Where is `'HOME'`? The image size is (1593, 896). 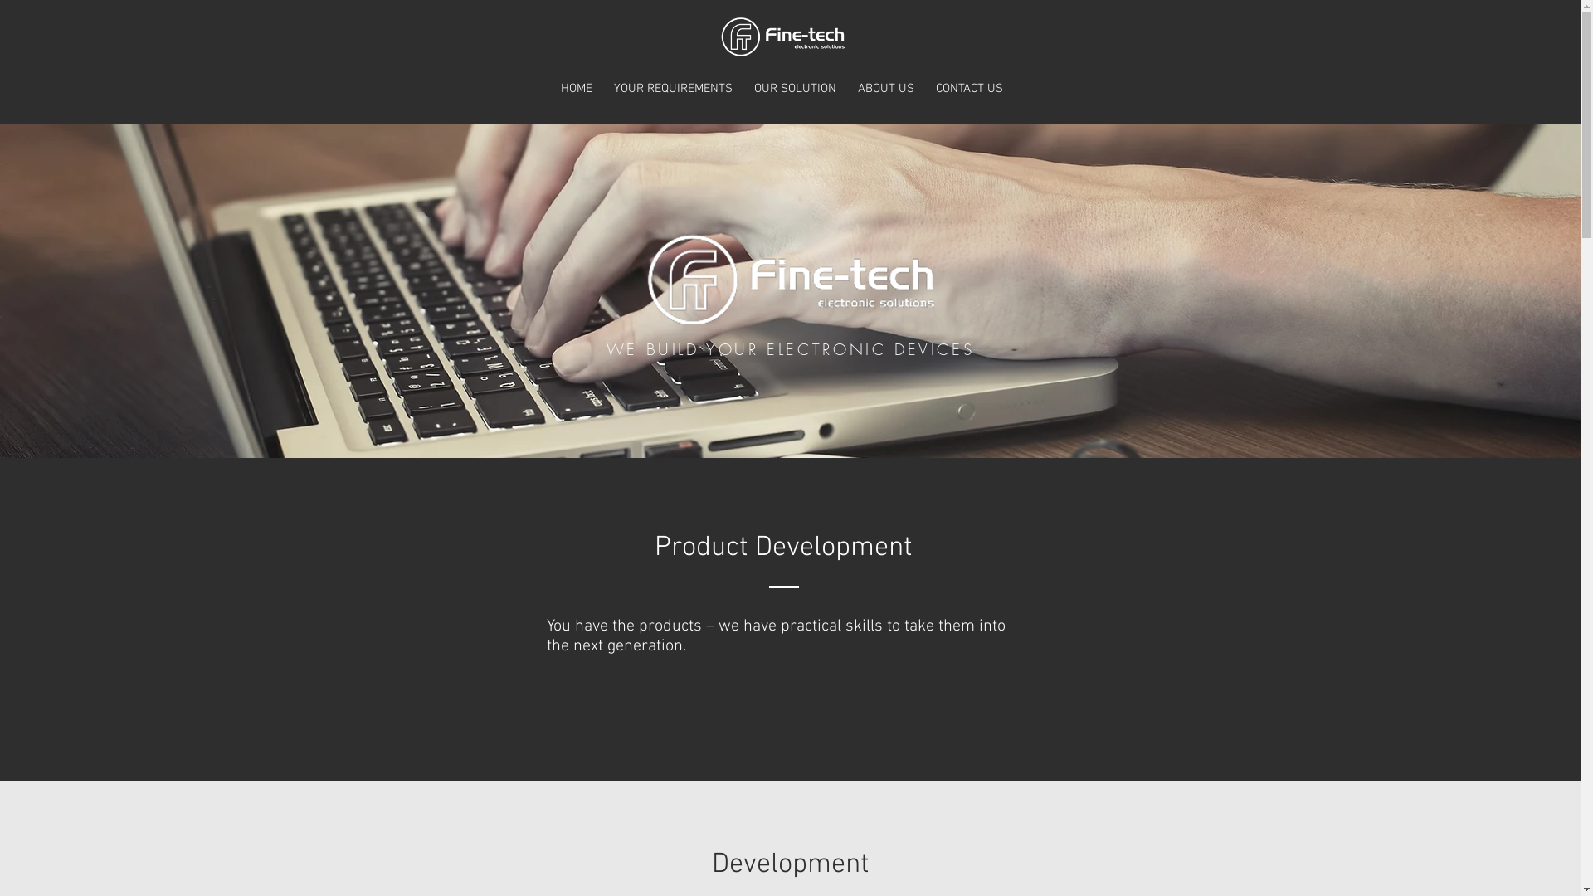
'HOME' is located at coordinates (549, 89).